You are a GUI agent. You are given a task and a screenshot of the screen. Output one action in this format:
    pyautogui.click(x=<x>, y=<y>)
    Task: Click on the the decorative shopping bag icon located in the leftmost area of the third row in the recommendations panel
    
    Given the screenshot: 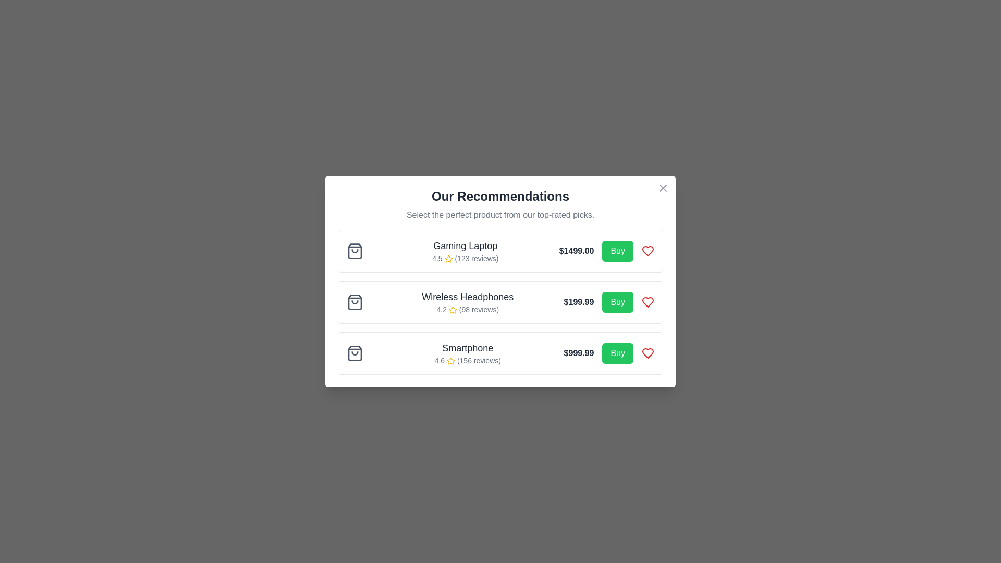 What is the action you would take?
    pyautogui.click(x=355, y=353)
    